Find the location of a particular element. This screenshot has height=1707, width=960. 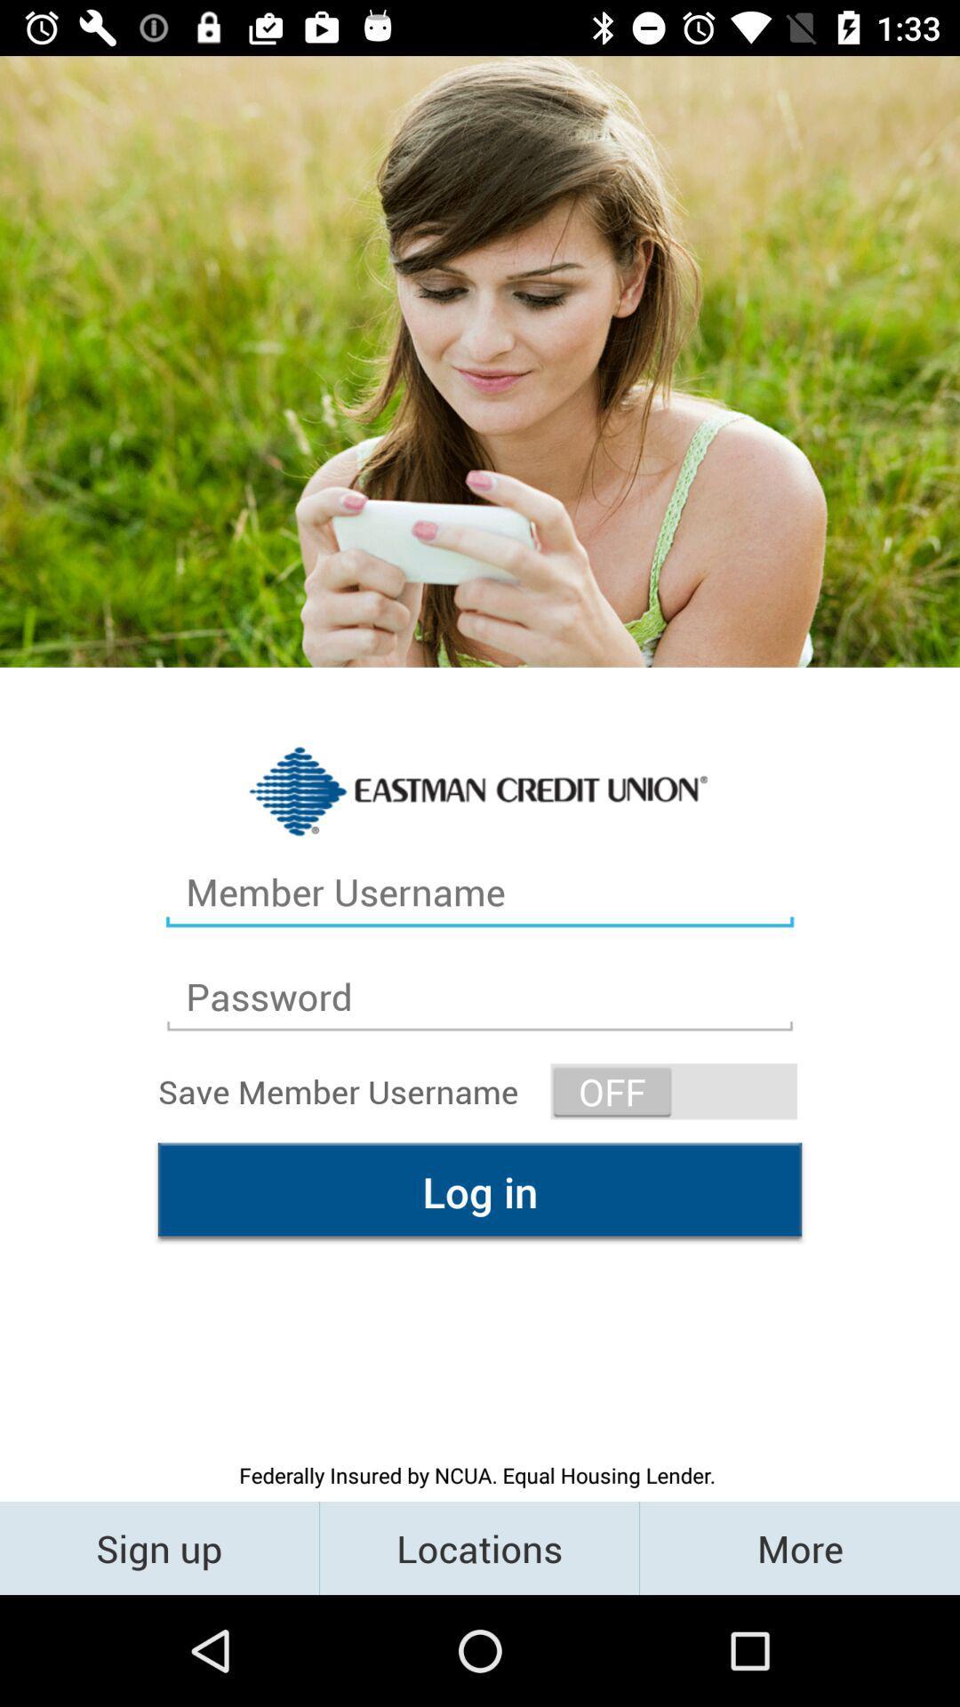

the log in item is located at coordinates (480, 1191).